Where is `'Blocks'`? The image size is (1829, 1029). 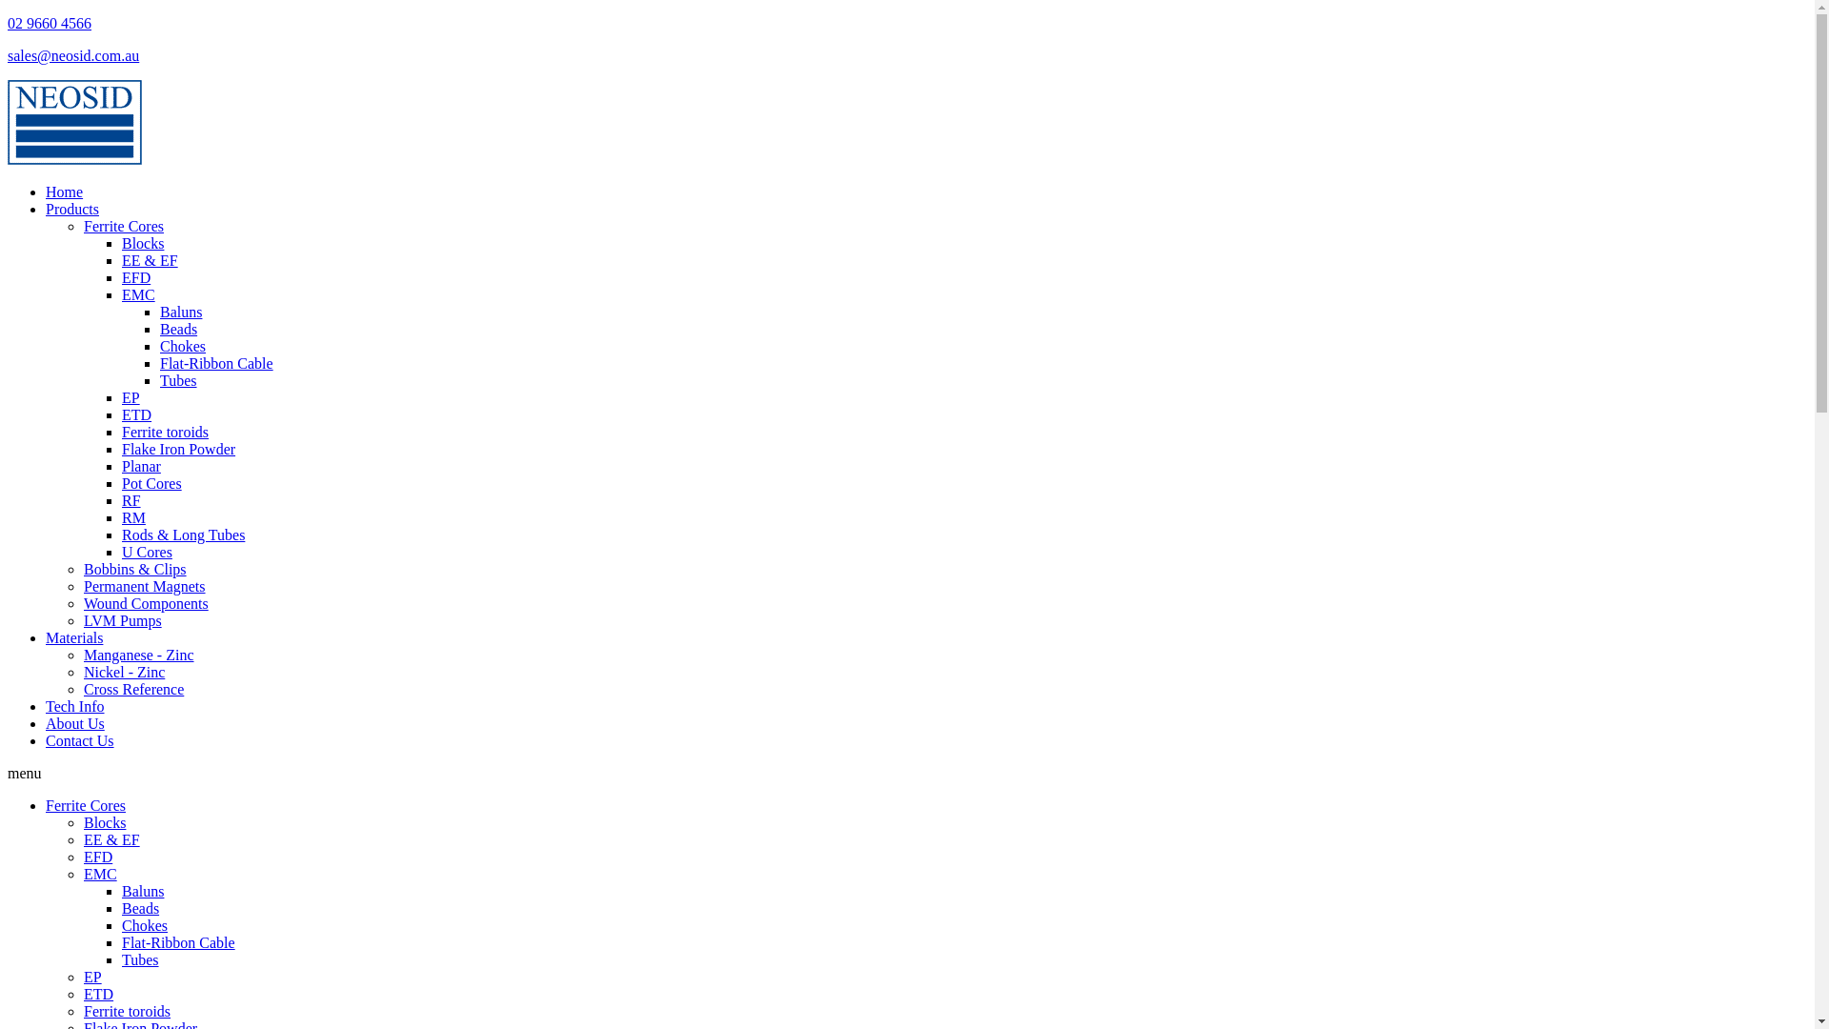 'Blocks' is located at coordinates (141, 242).